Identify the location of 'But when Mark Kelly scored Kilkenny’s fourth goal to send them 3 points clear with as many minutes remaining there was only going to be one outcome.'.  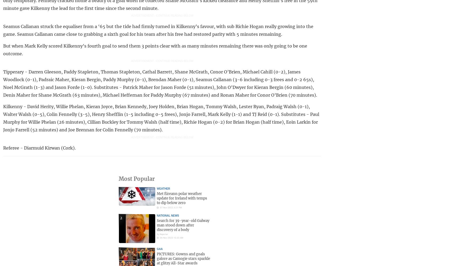
(155, 49).